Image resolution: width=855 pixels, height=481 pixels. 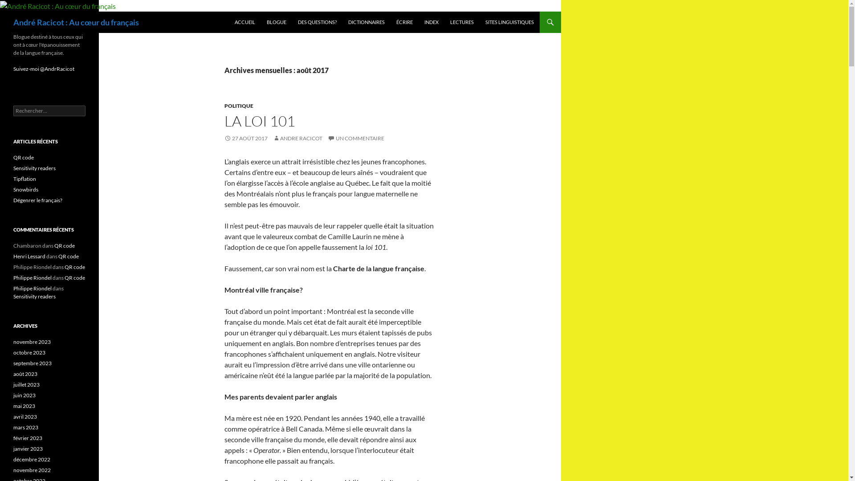 I want to click on 'janvier 2023', so click(x=28, y=448).